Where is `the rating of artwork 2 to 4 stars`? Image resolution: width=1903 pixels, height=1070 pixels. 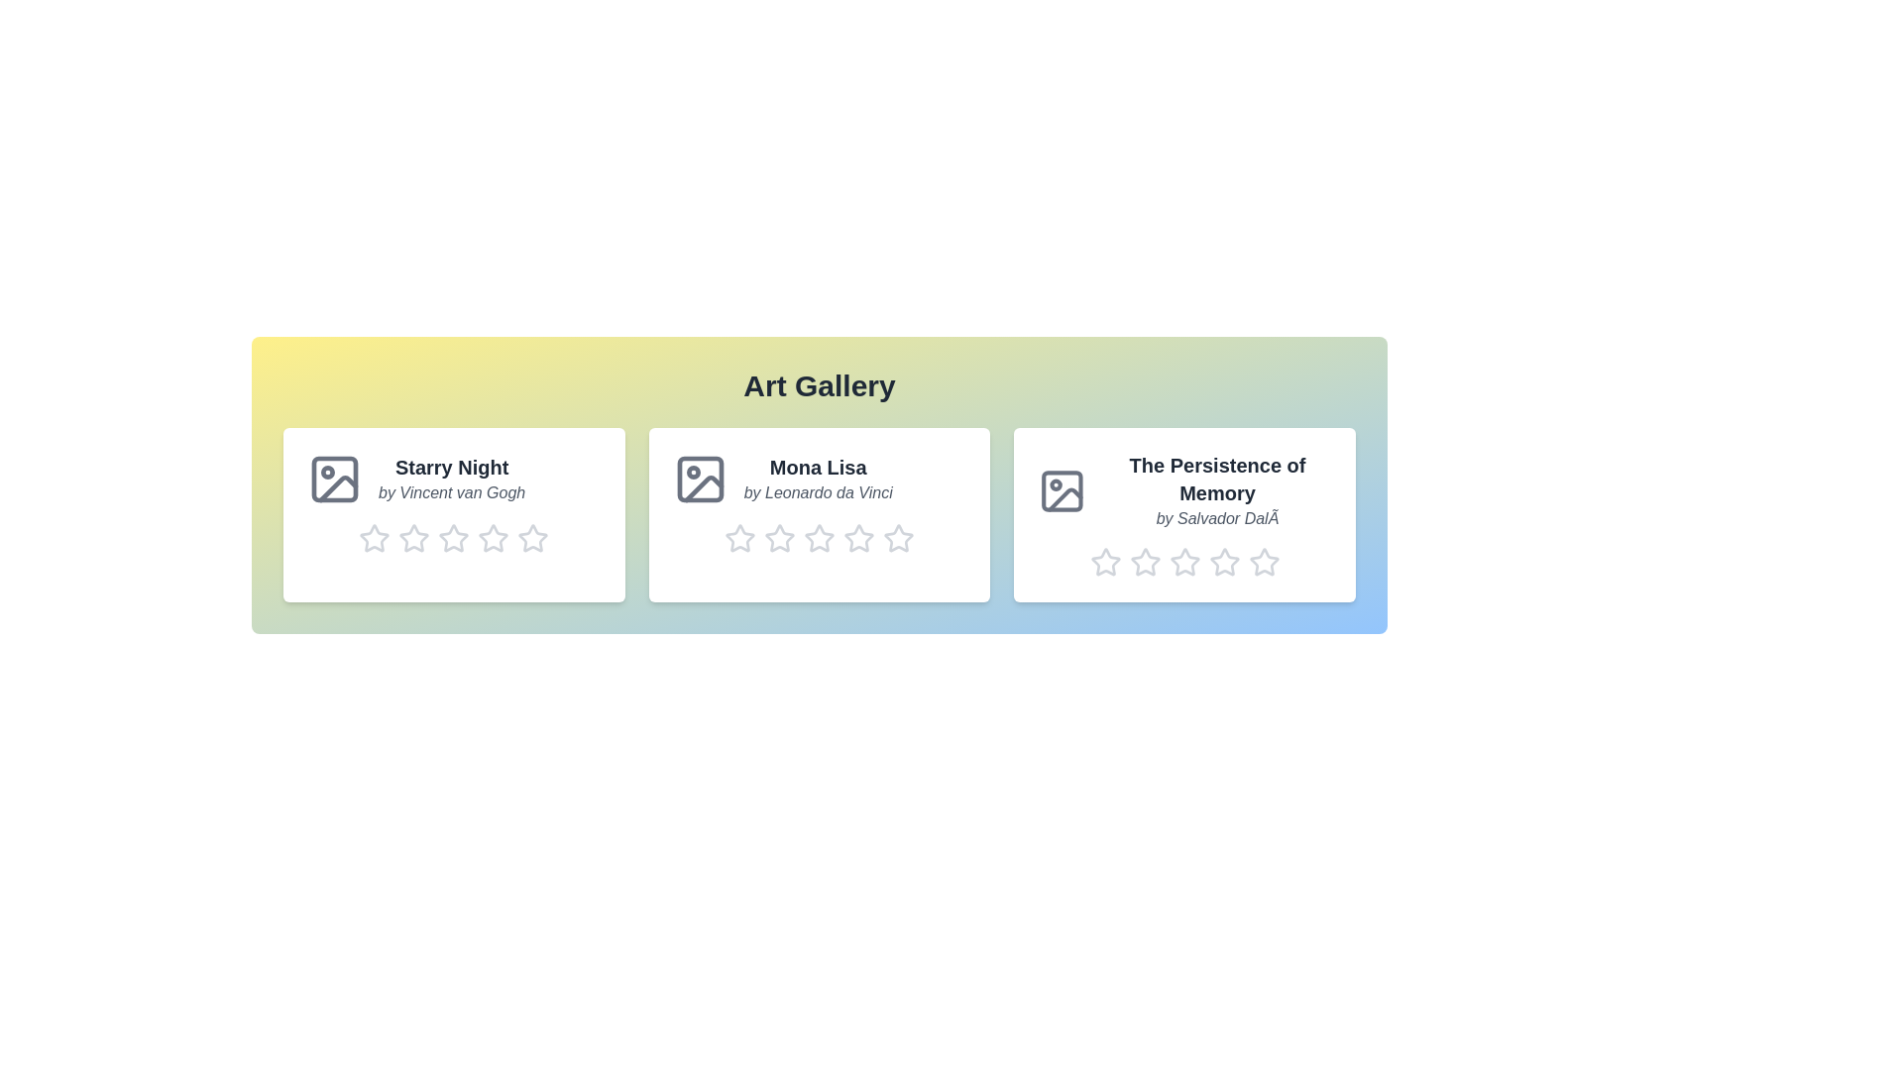 the rating of artwork 2 to 4 stars is located at coordinates (842, 538).